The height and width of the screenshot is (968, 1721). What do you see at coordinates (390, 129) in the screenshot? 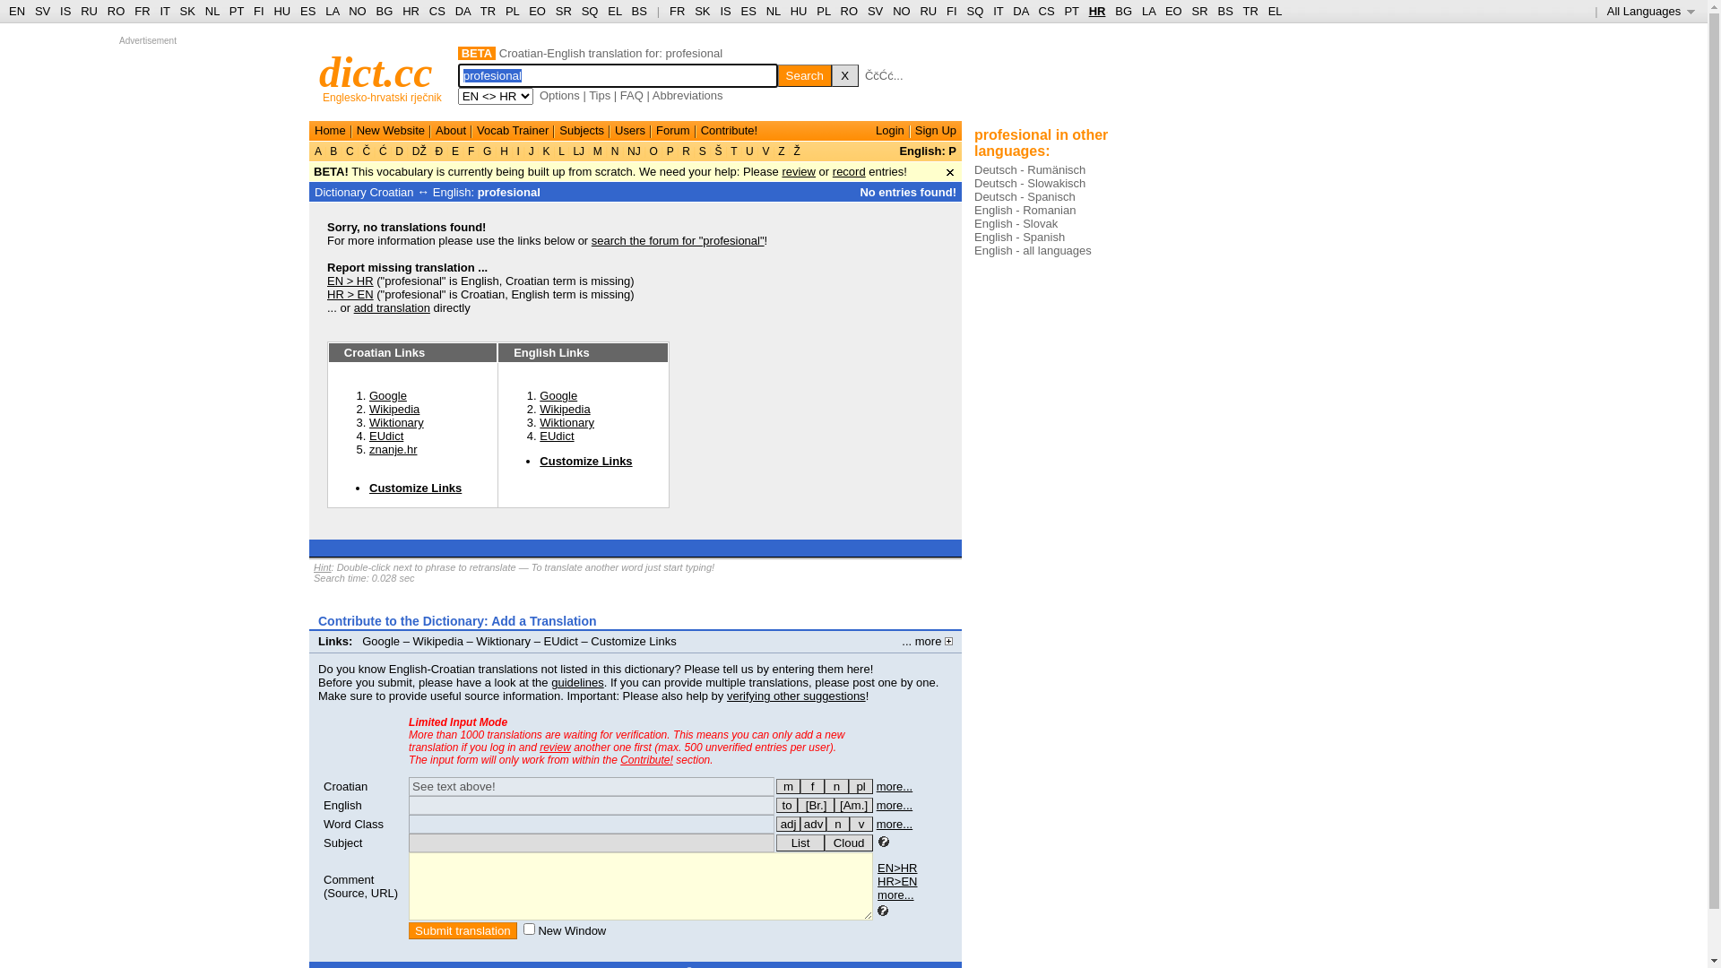
I see `'New Website'` at bounding box center [390, 129].